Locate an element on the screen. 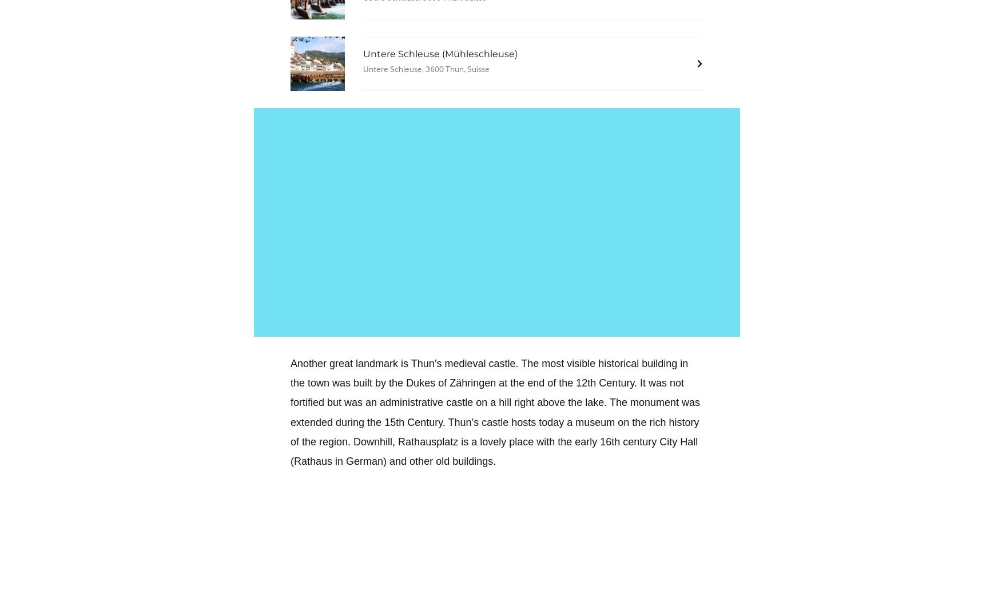 The image size is (994, 590). '. The most visible historical building in the town was built by the' is located at coordinates (489, 373).